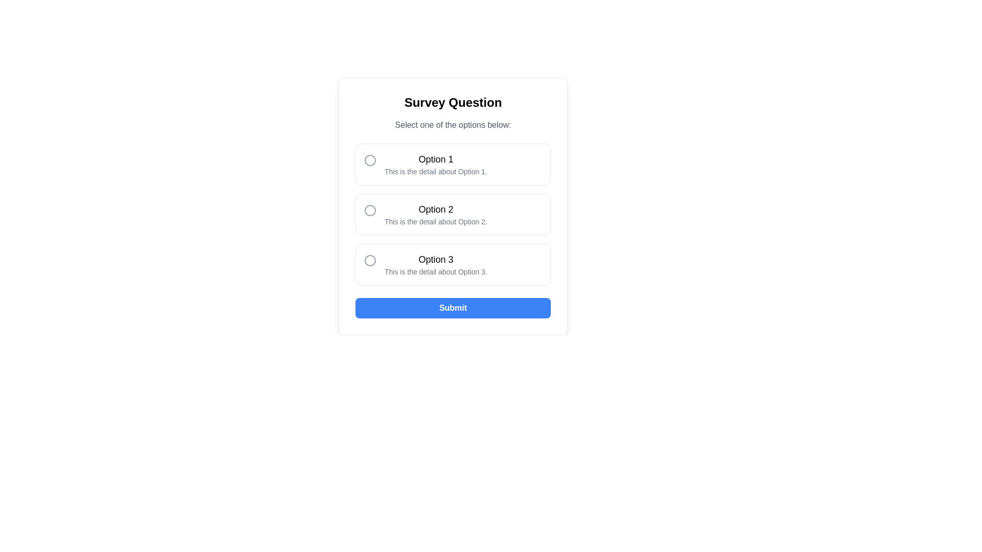  Describe the element at coordinates (370, 160) in the screenshot. I see `the circular part of the radio button for selecting 'Option 1', which is located adjacent to the left of the 'Option 1' label text` at that location.